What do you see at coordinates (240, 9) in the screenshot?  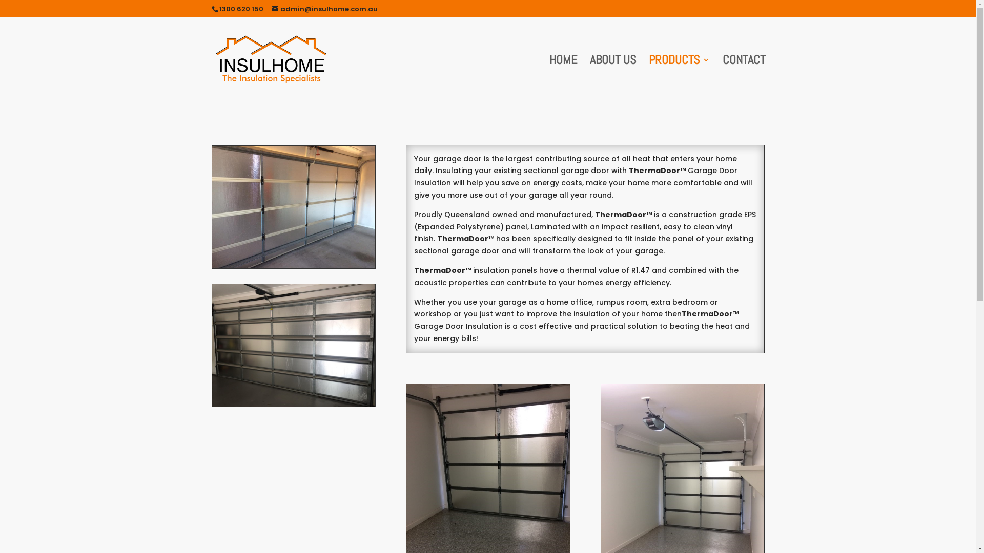 I see `'1300 620 150'` at bounding box center [240, 9].